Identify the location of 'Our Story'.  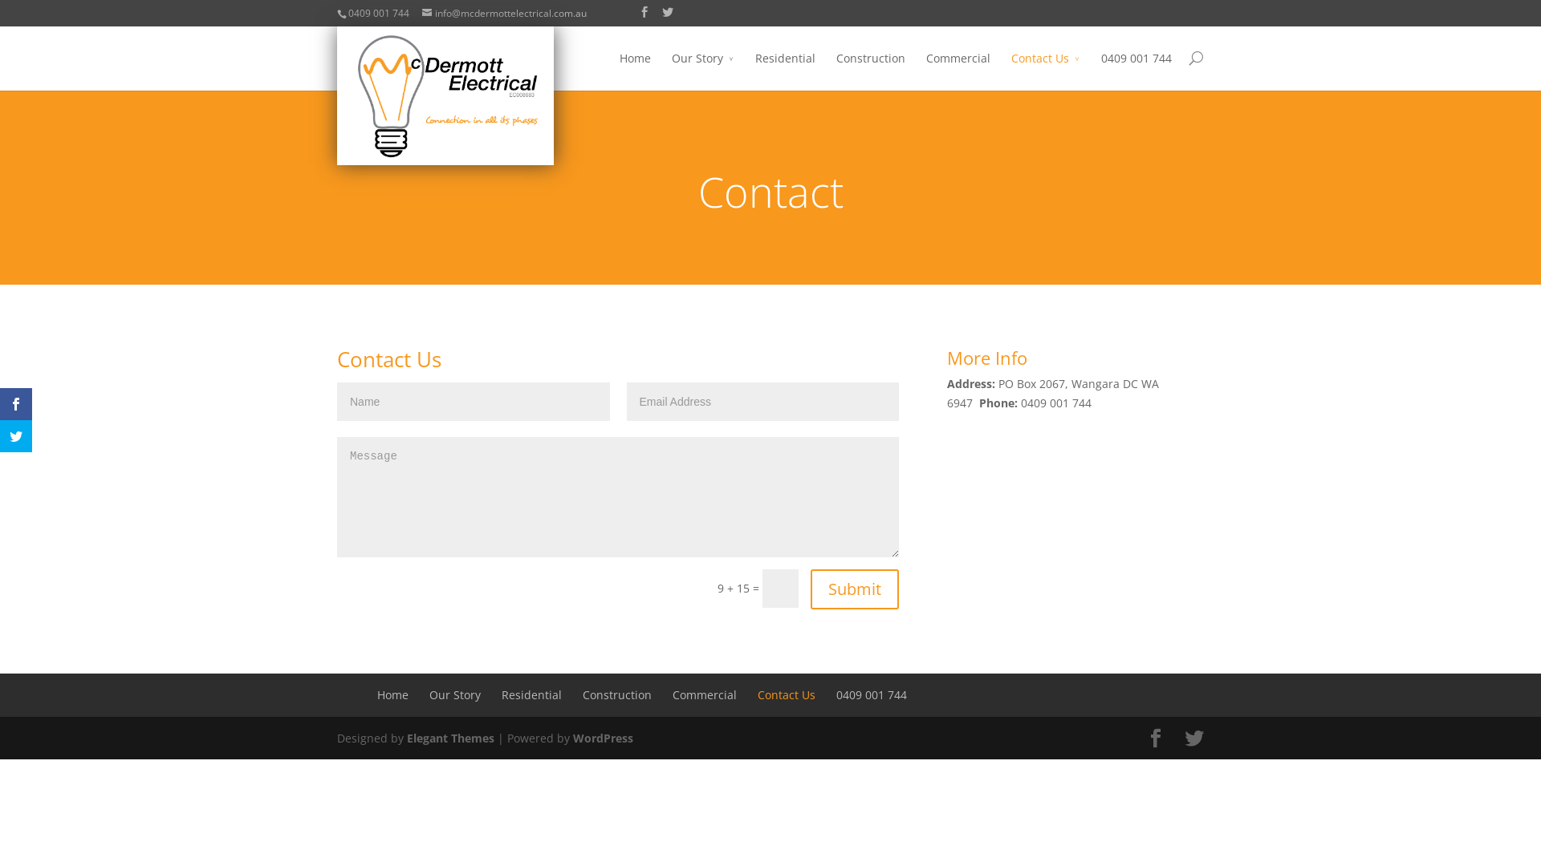
(702, 69).